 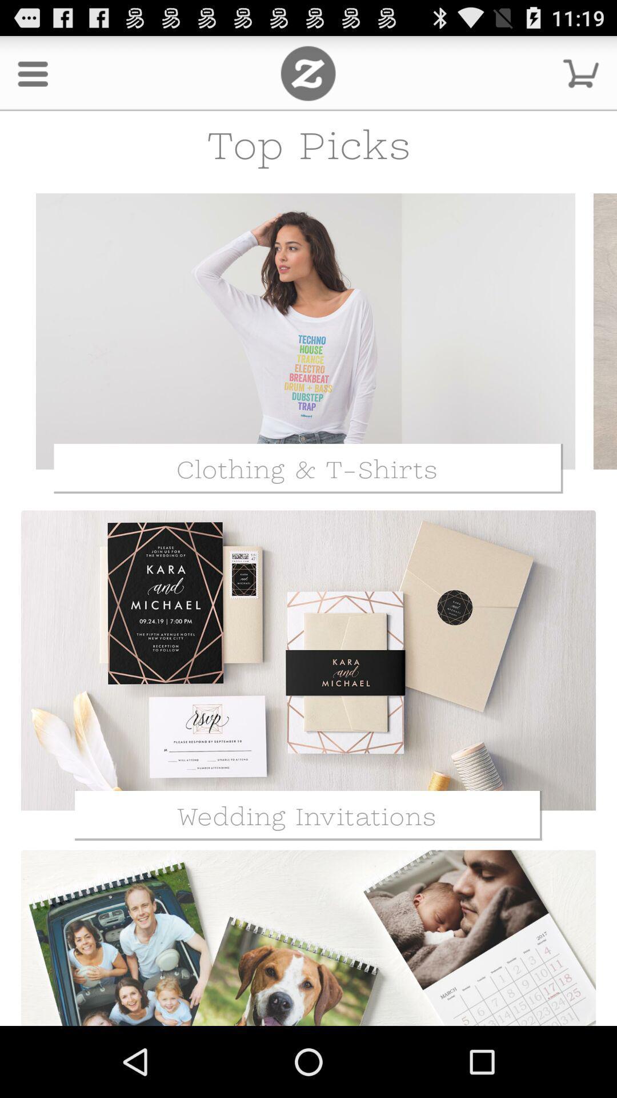 What do you see at coordinates (581, 78) in the screenshot?
I see `the cart icon` at bounding box center [581, 78].